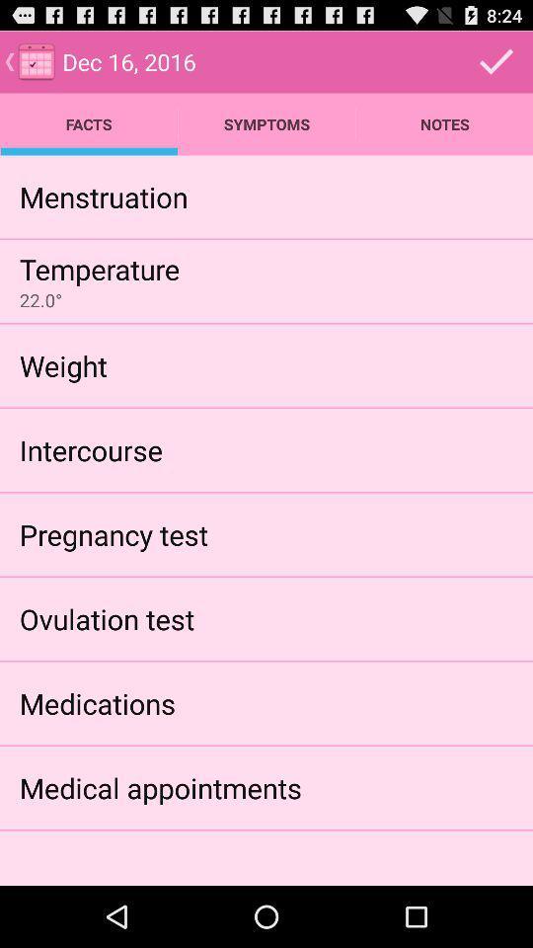  Describe the element at coordinates (114, 534) in the screenshot. I see `the icon below the intercourse app` at that location.